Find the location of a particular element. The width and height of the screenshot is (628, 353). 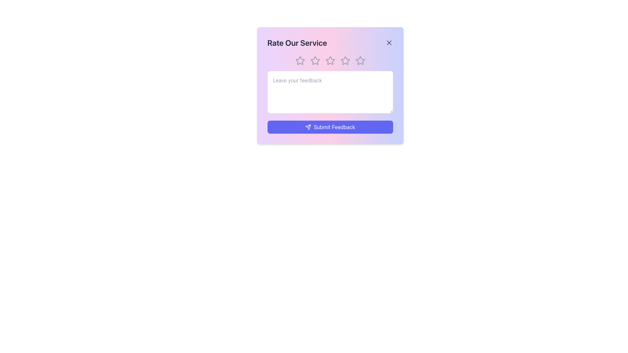

on the highlighted third star icon in the rating section of the feedback modal is located at coordinates (330, 60).